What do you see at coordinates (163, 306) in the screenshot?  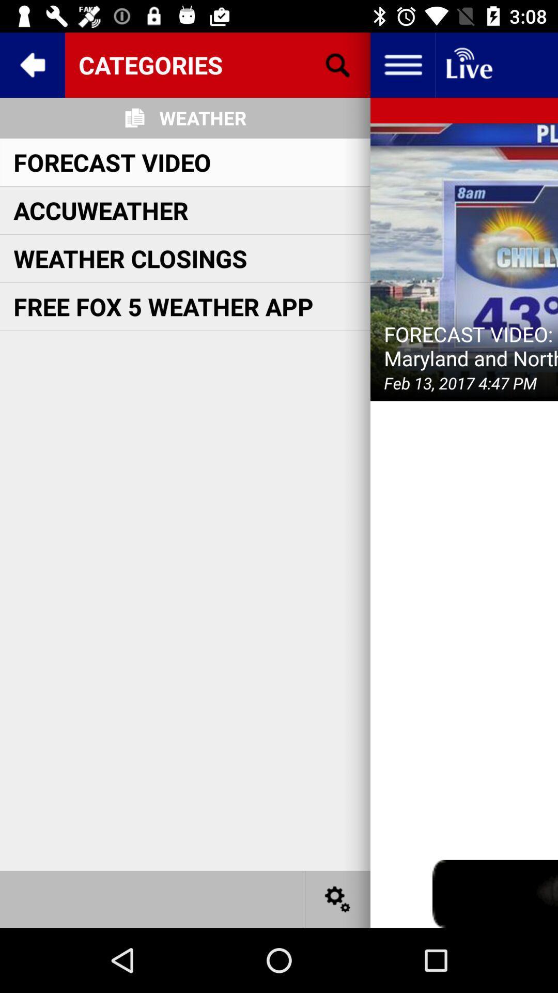 I see `free fox 5 item` at bounding box center [163, 306].